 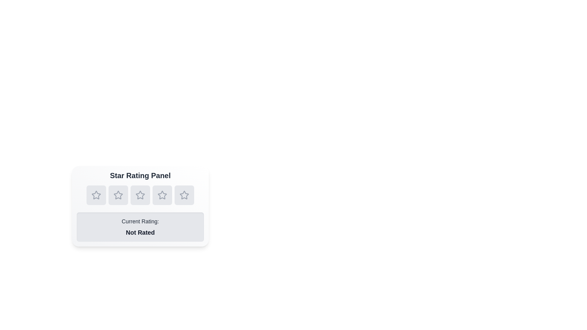 I want to click on the second interactive star in the star rating system, so click(x=118, y=195).